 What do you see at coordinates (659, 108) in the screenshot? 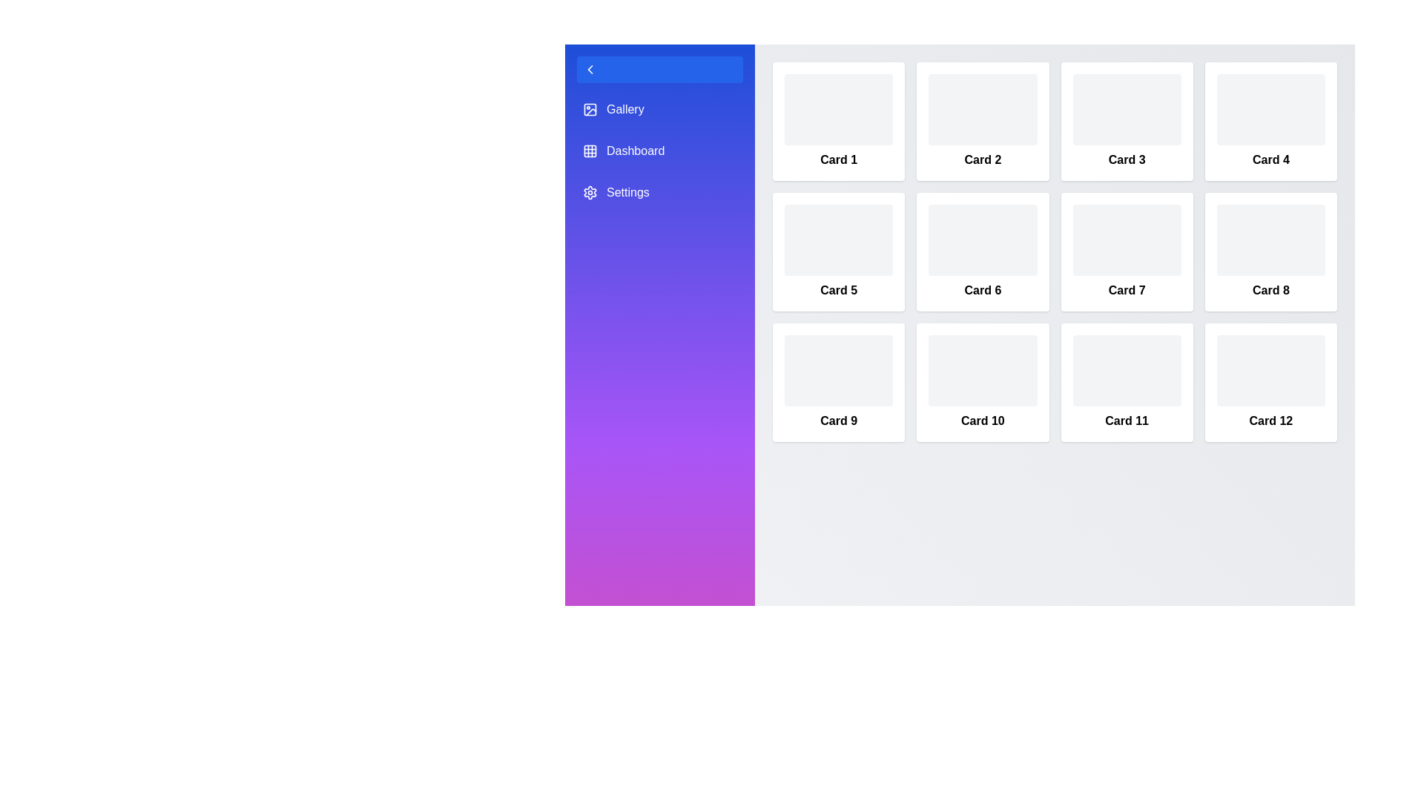
I see `the sidebar menu item labeled Gallery` at bounding box center [659, 108].